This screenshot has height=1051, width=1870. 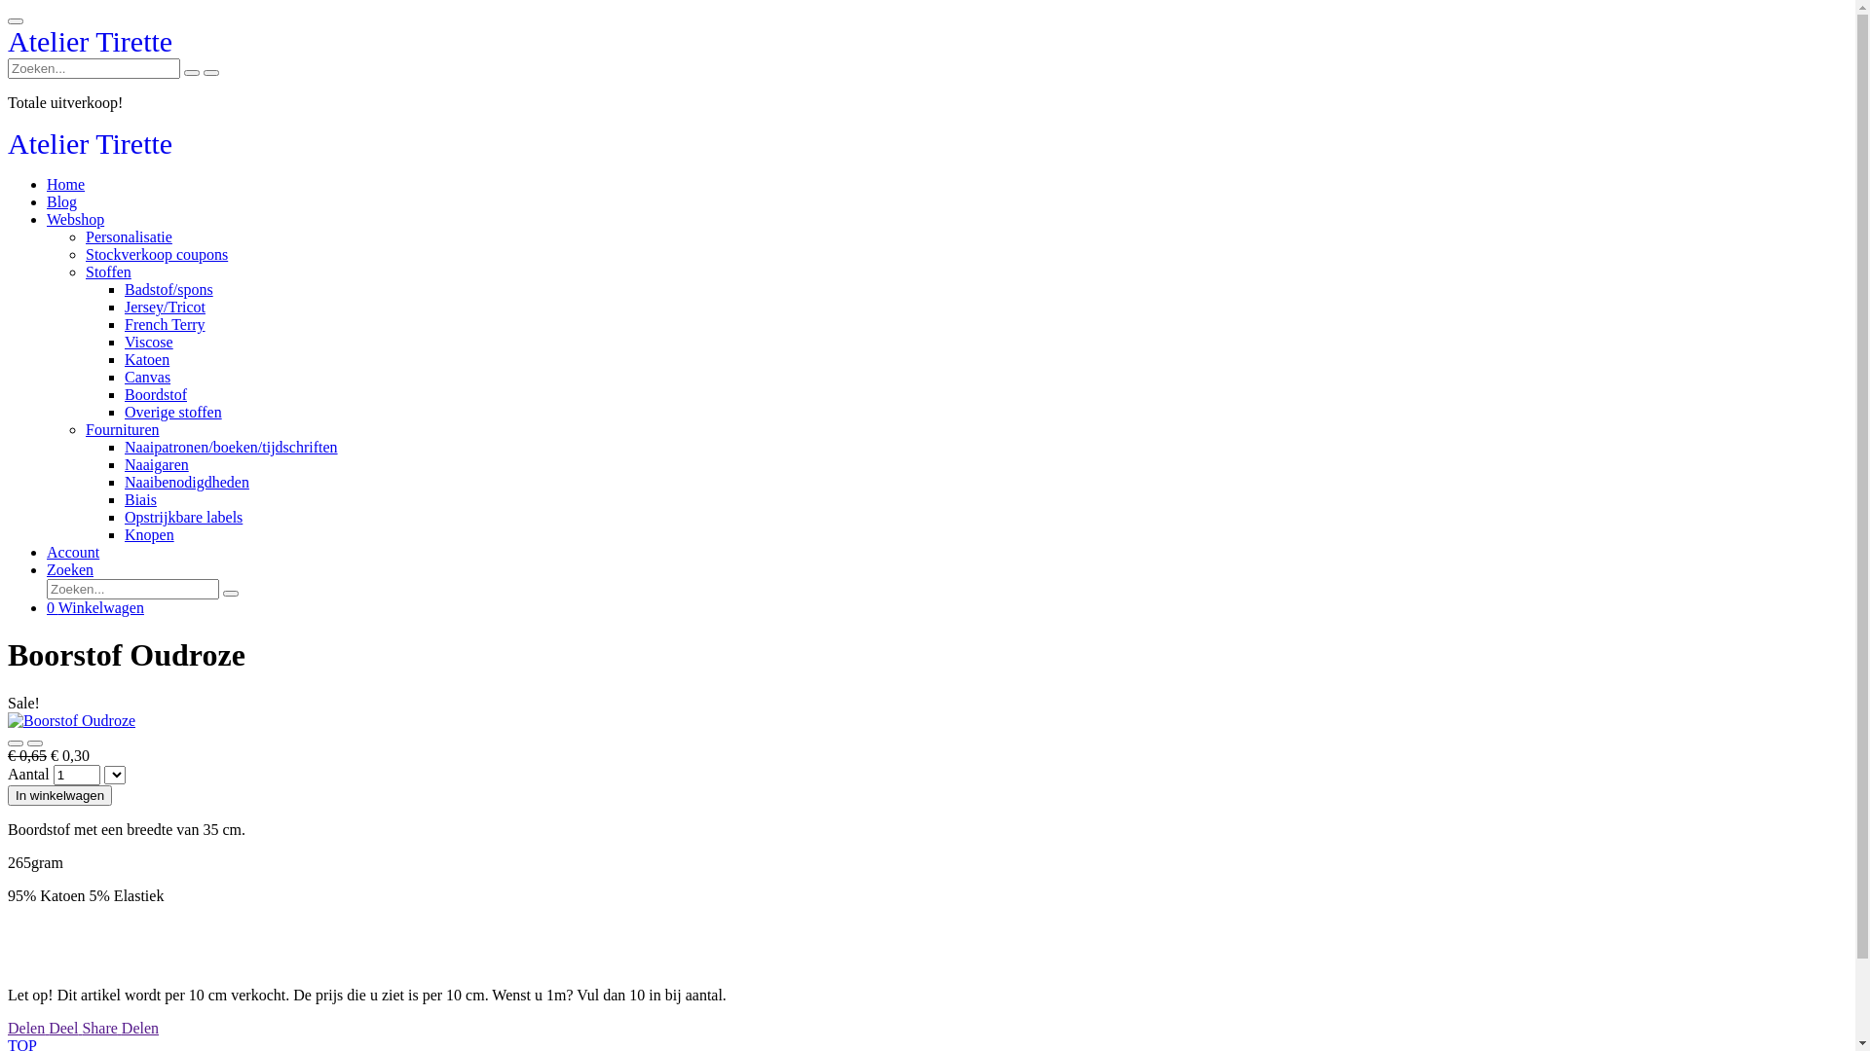 I want to click on 'Deel', so click(x=65, y=1027).